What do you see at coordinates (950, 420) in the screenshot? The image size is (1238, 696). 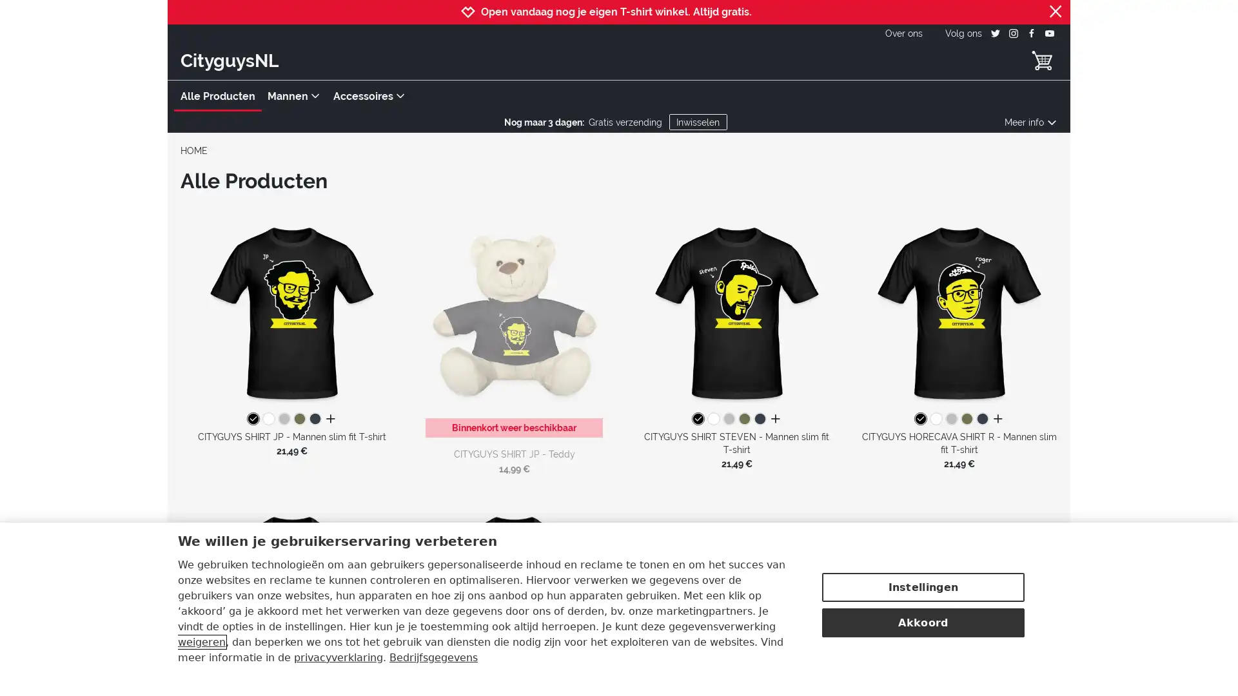 I see `grijs gemeleerd` at bounding box center [950, 420].